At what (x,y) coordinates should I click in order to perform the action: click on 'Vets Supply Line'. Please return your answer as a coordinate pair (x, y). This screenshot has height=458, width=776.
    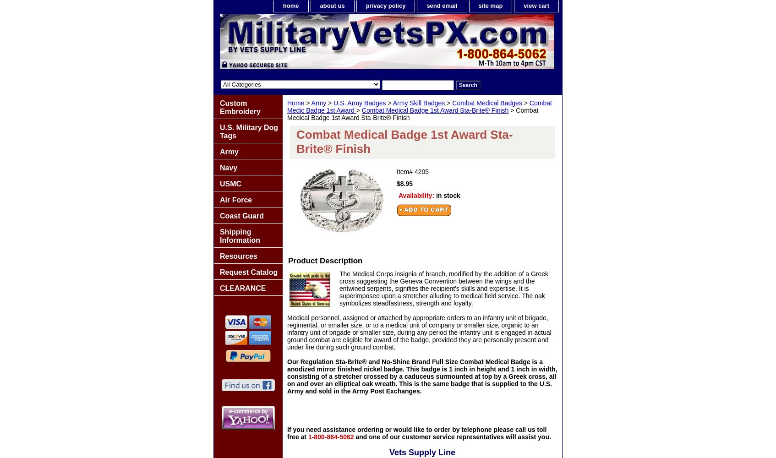
    Looking at the image, I should click on (388, 452).